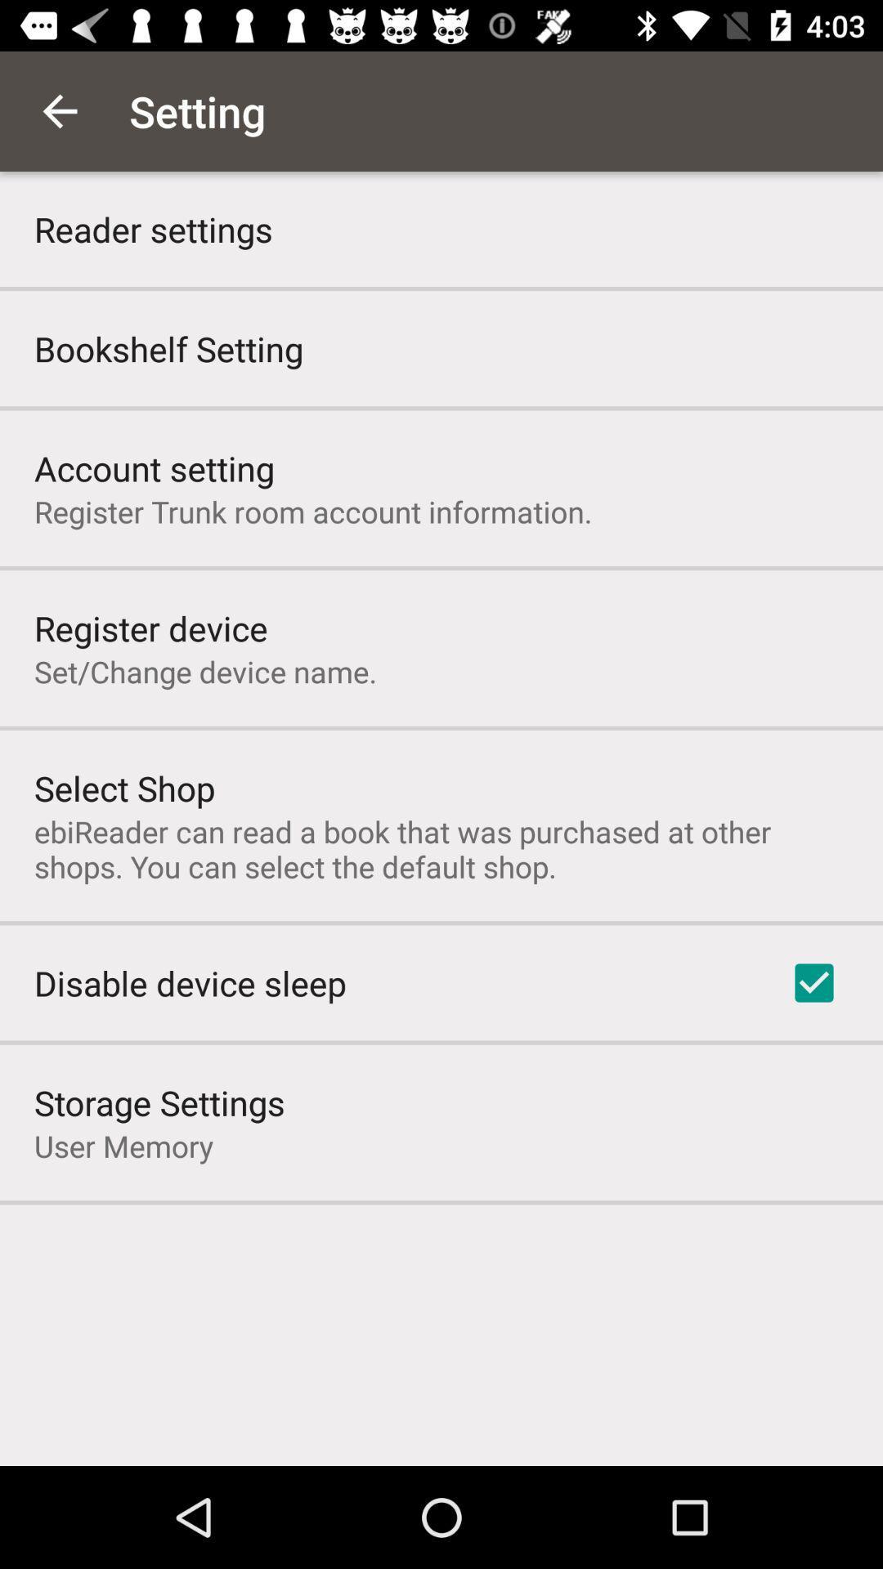 The width and height of the screenshot is (883, 1569). Describe the element at coordinates (150, 627) in the screenshot. I see `the icon above set change device` at that location.